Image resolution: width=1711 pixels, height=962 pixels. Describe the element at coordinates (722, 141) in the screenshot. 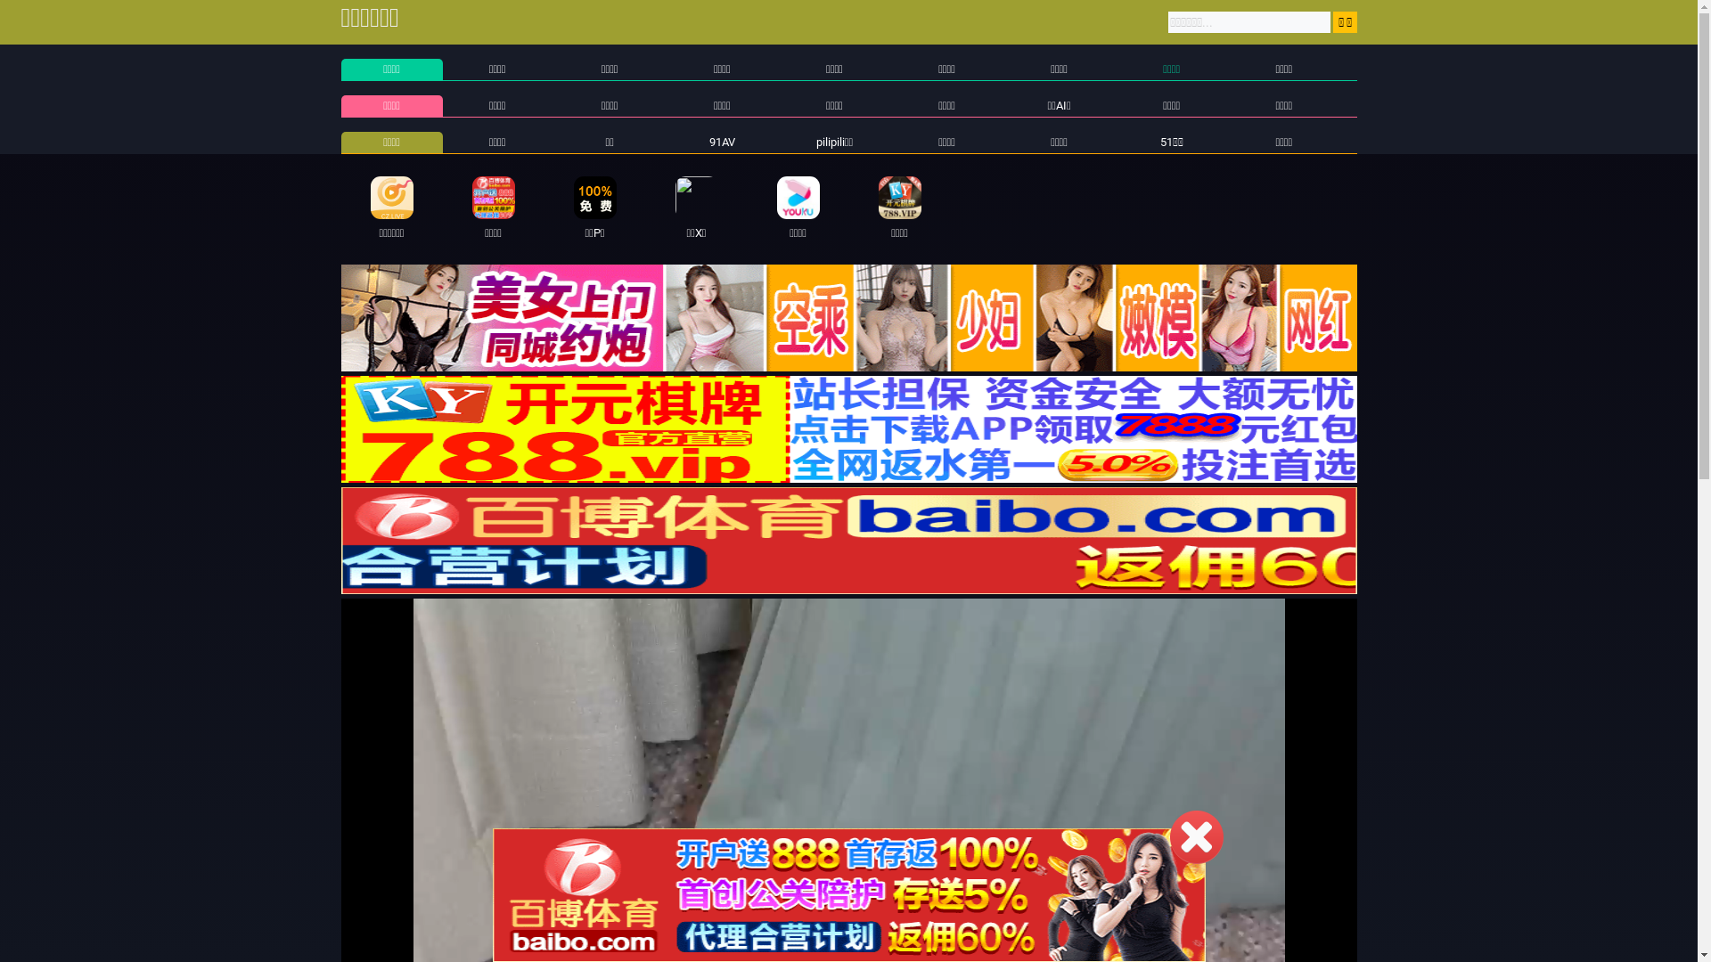

I see `'91AV'` at that location.